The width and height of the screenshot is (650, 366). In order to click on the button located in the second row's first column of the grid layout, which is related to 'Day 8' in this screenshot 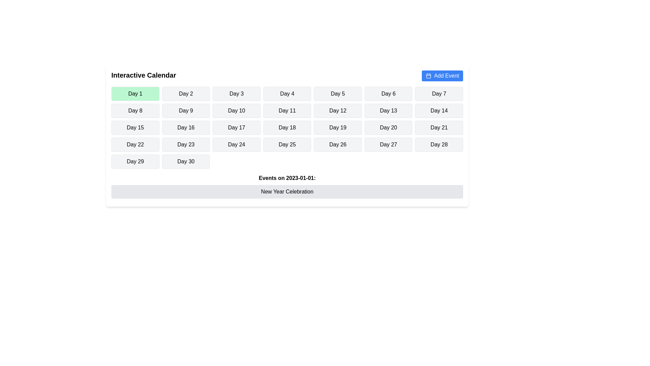, I will do `click(135, 110)`.